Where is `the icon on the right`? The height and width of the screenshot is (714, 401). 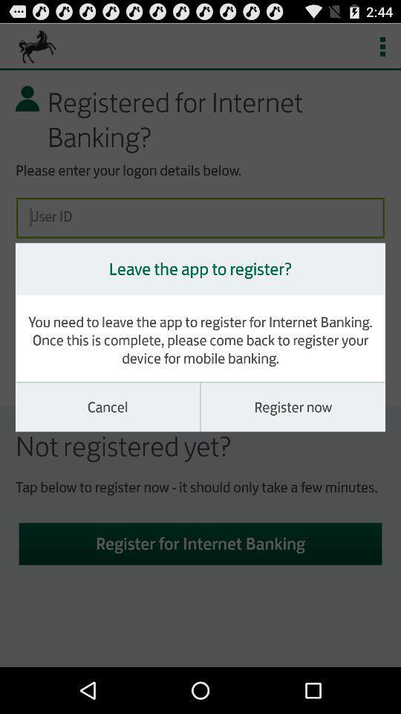
the icon on the right is located at coordinates (293, 407).